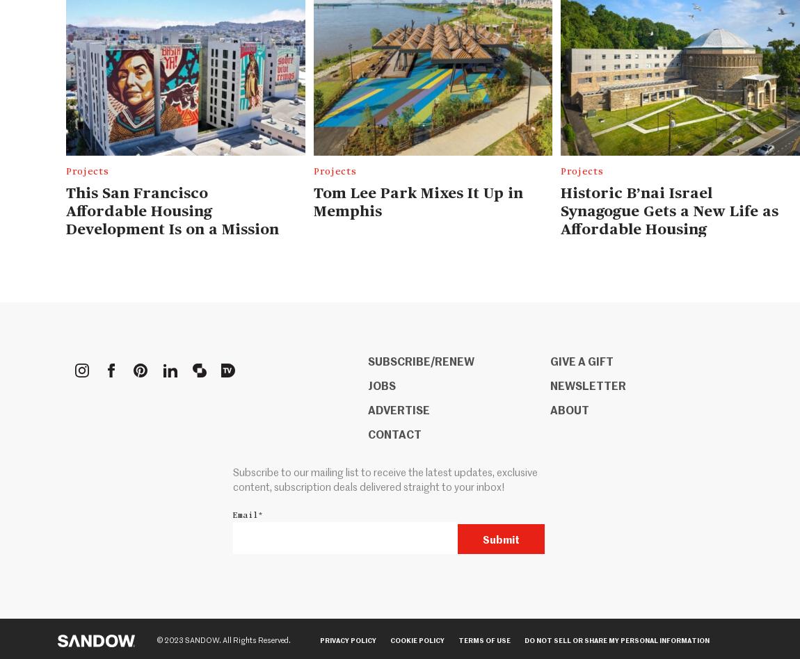 The image size is (800, 659). Describe the element at coordinates (616, 639) in the screenshot. I see `'Do Not Sell or Share my Personal Information'` at that location.